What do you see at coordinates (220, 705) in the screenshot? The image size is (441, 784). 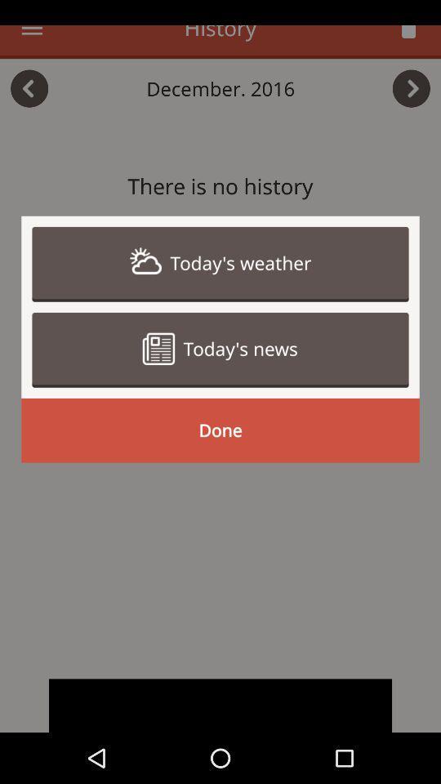 I see `the item at the bottom` at bounding box center [220, 705].